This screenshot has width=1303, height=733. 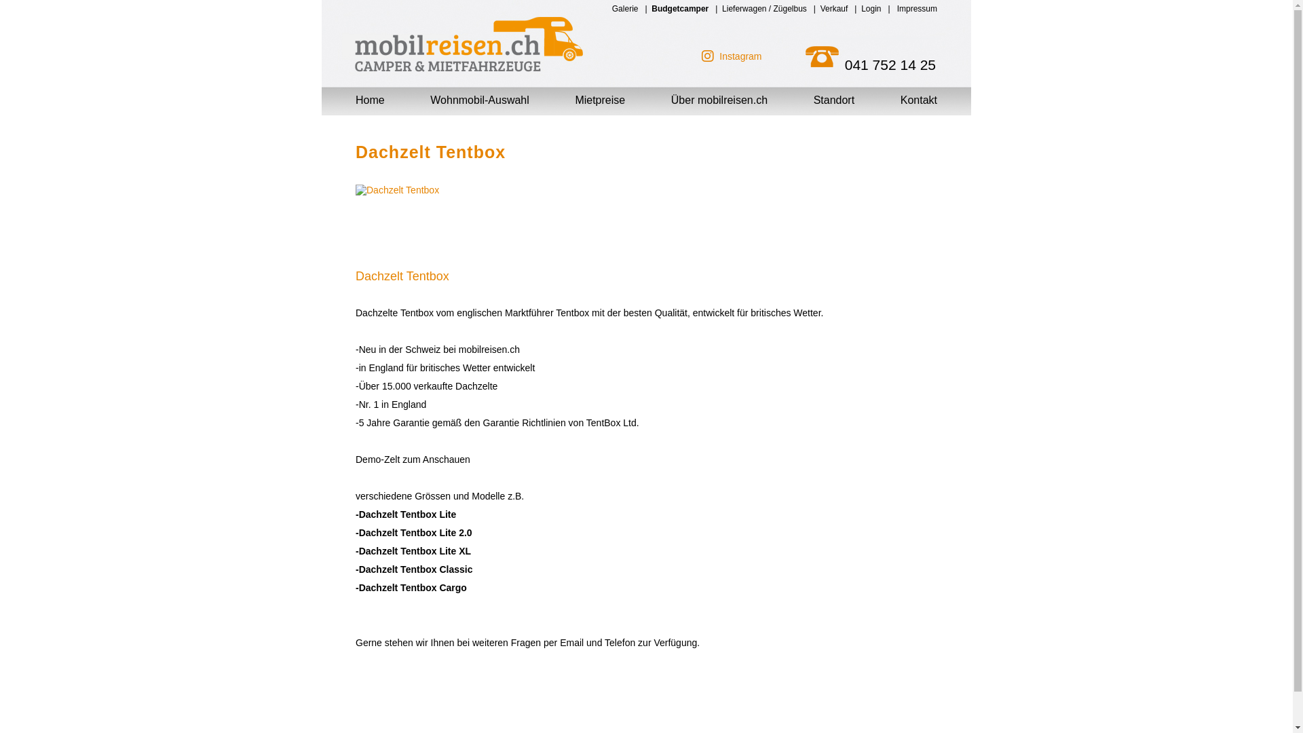 What do you see at coordinates (860, 8) in the screenshot?
I see `'Login'` at bounding box center [860, 8].